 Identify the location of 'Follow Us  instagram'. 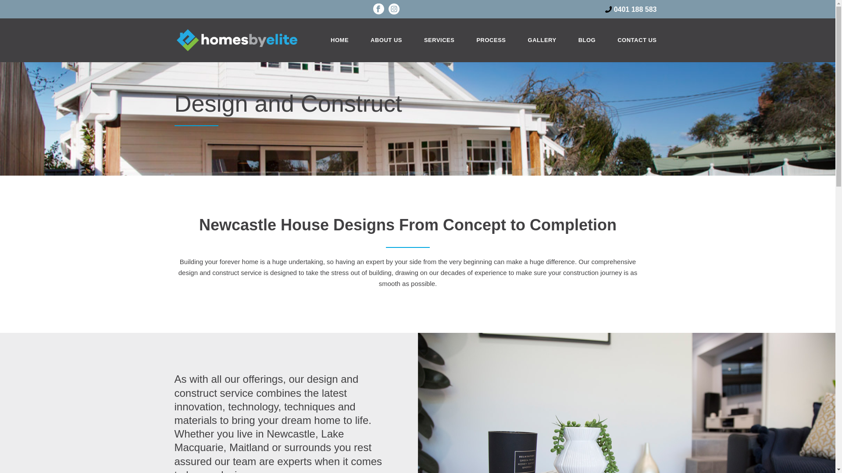
(393, 11).